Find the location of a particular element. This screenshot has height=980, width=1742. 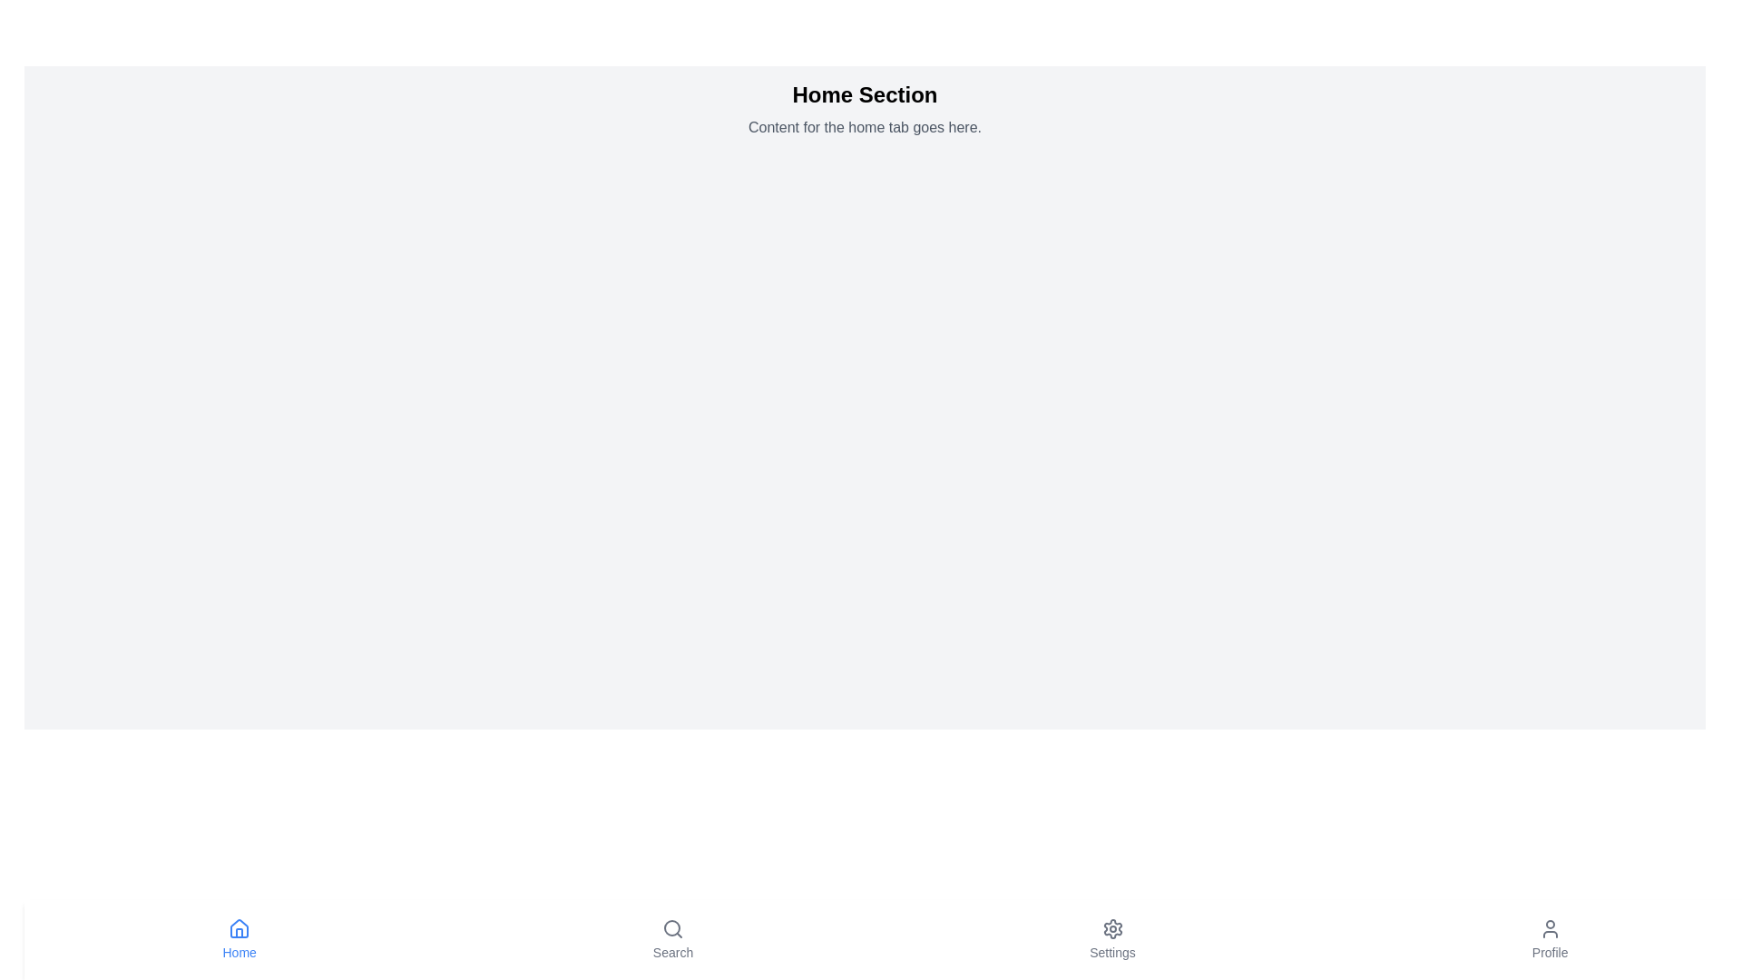

the 'Settings' button with a gear icon located in the bottom navigation bar, which is the third button from the left is located at coordinates (1111, 939).